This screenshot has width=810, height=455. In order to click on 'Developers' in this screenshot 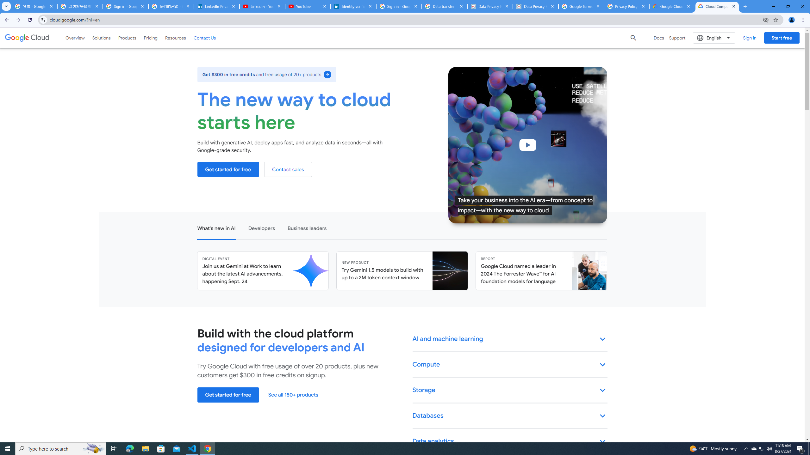, I will do `click(261, 227)`.